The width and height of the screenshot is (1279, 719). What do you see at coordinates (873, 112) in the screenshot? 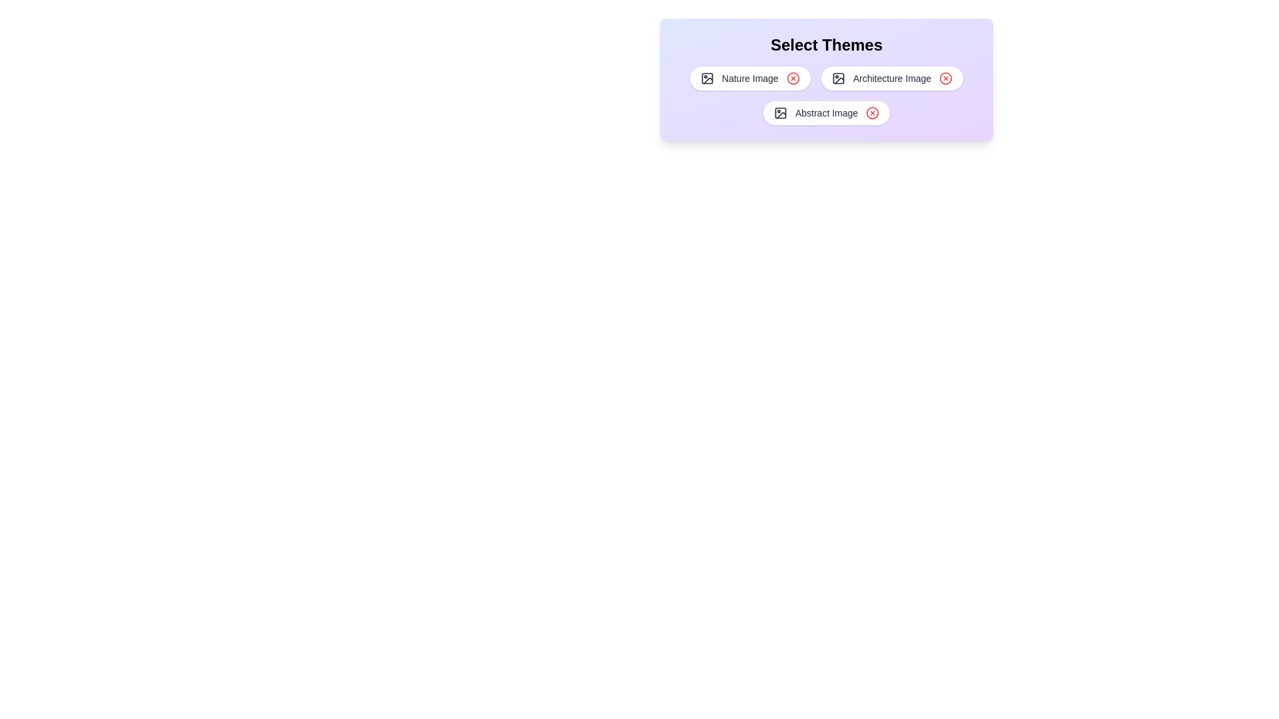
I see `the chip labeled Abstract Image by clicking its close button` at bounding box center [873, 112].